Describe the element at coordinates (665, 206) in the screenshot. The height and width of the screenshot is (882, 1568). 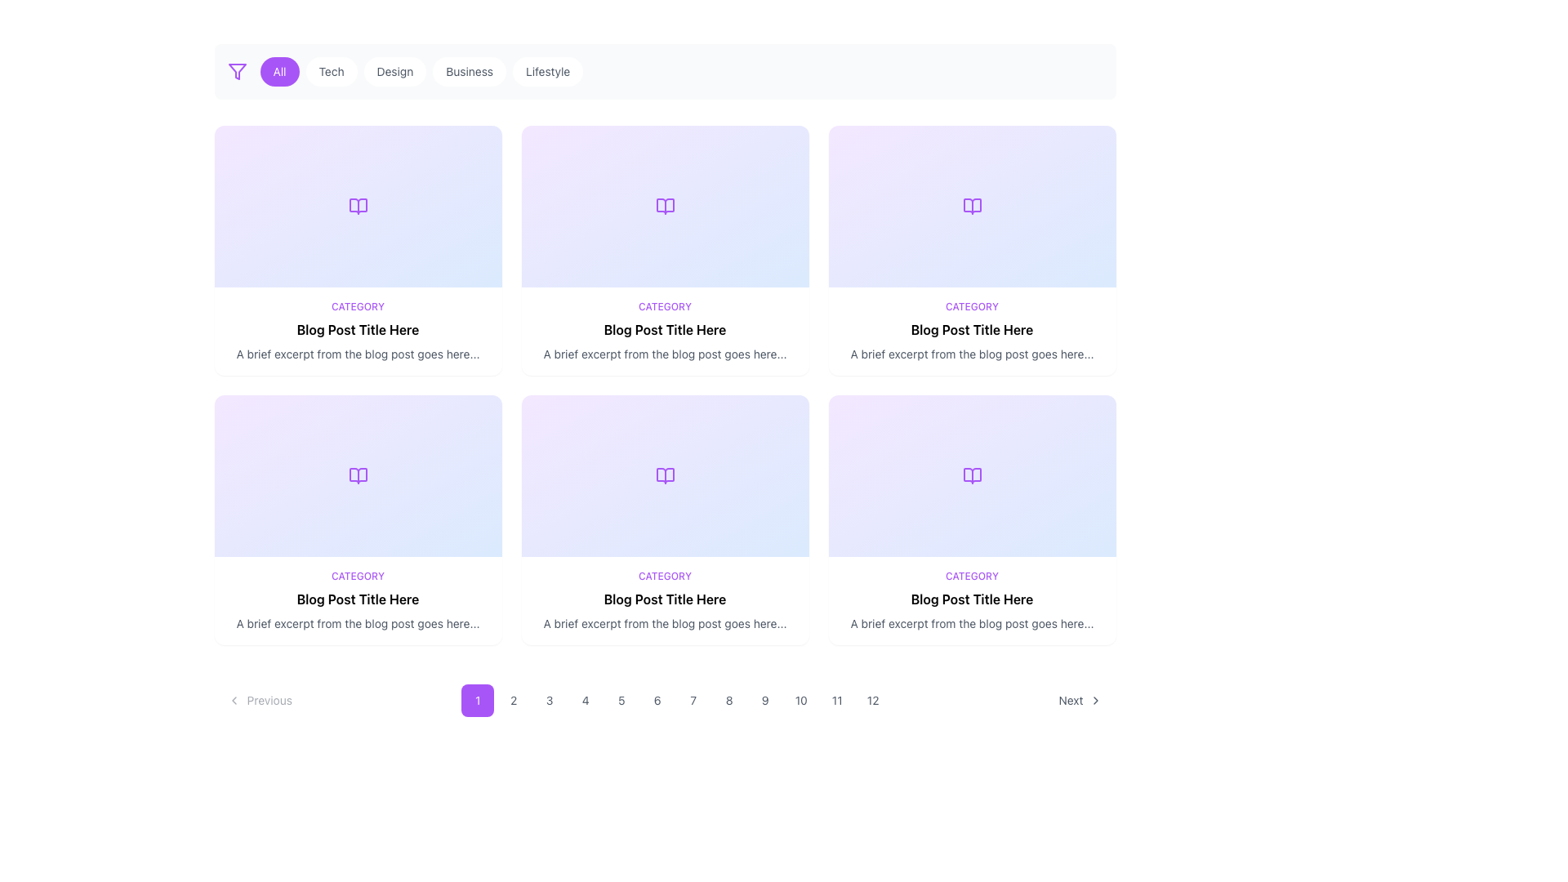
I see `the Decorative background with an illustrative icon, which serves as the visual representation for a blog post preview located in the first row, second column` at that location.